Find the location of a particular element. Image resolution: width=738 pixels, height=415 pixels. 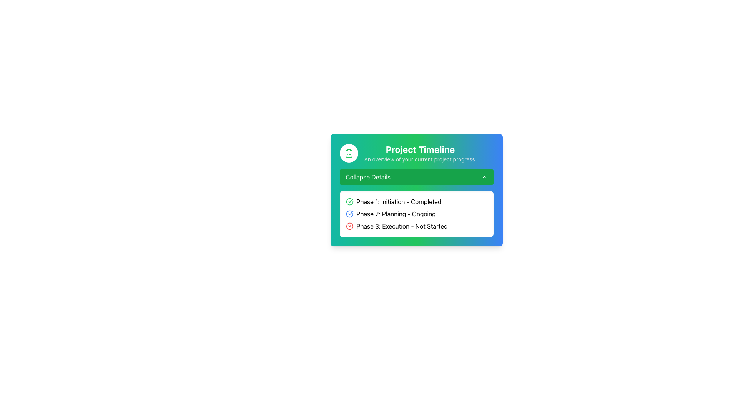

the completion icon with a green color and checkmark located in the 'Phase 1: Initiation - Completed' row of the project timeline section is located at coordinates (349, 201).